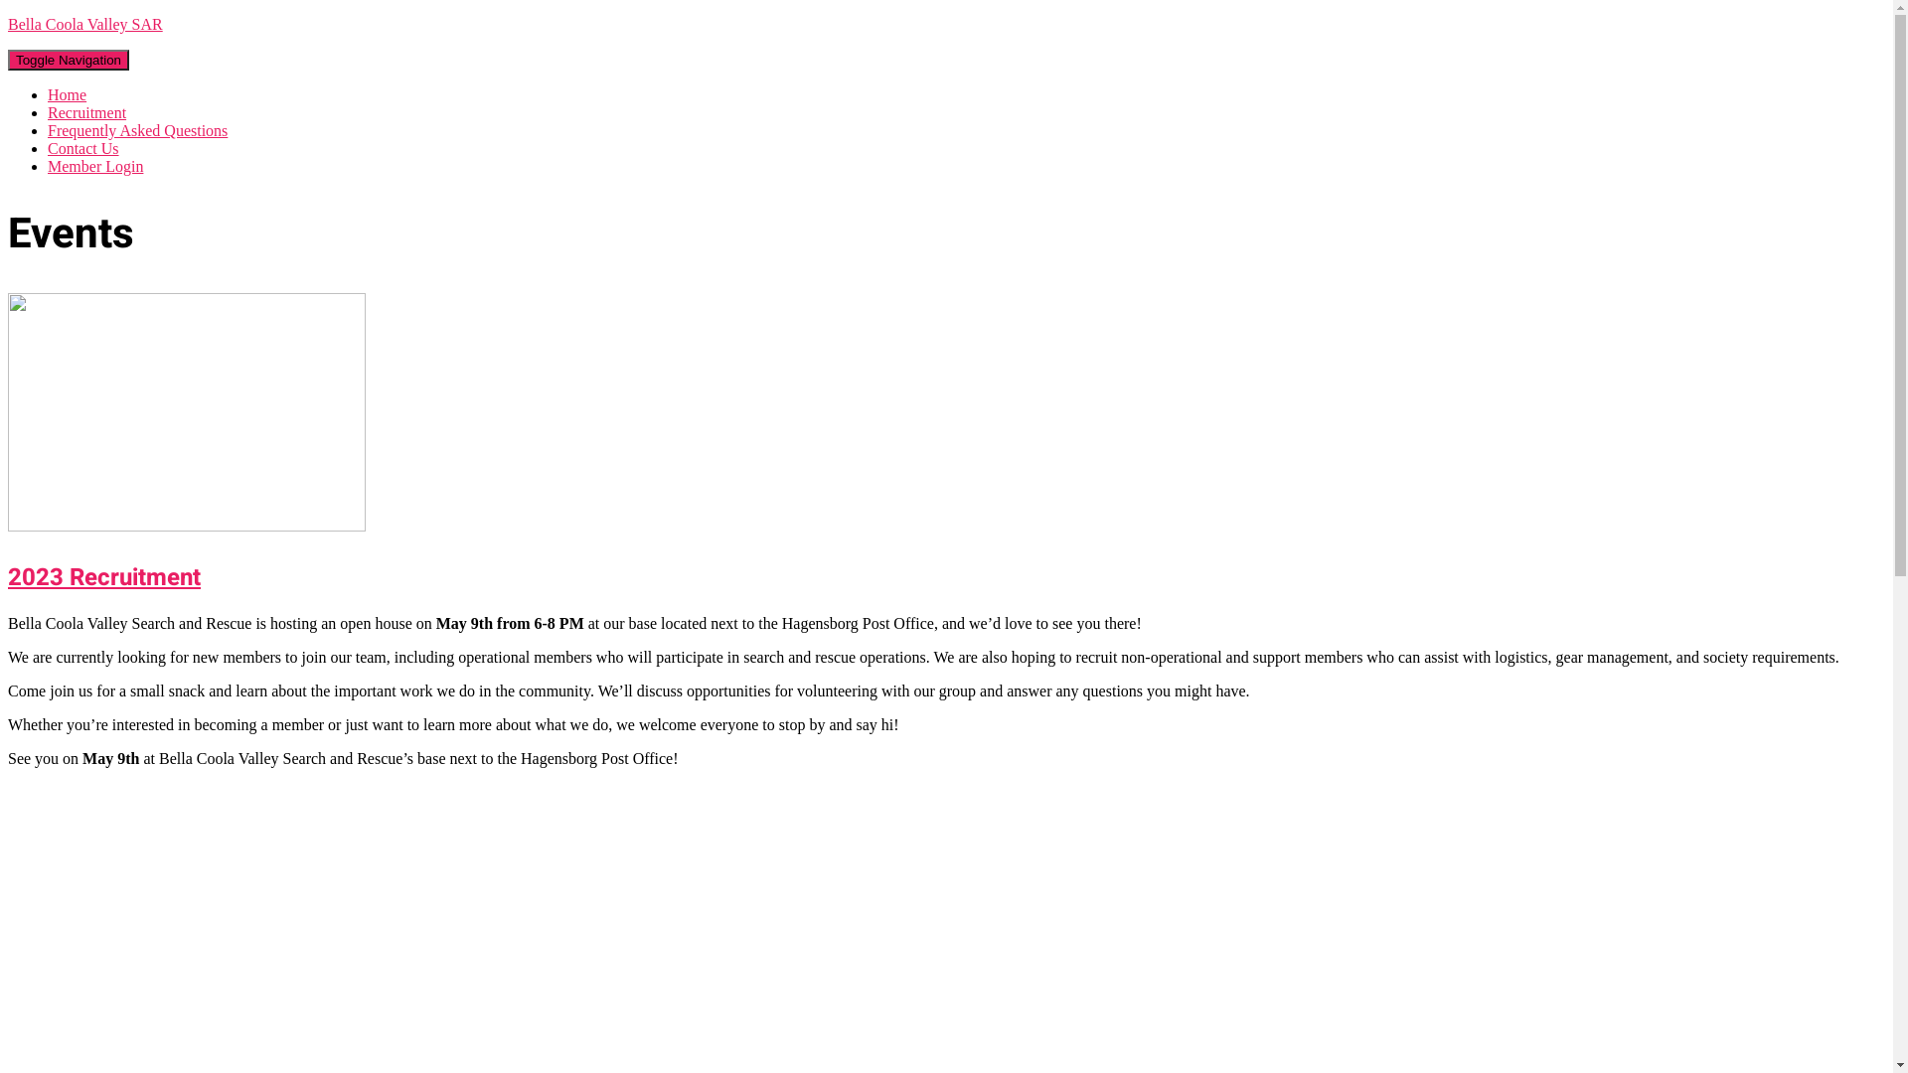  Describe the element at coordinates (945, 24) in the screenshot. I see `'Bella Coola Valley SAR'` at that location.